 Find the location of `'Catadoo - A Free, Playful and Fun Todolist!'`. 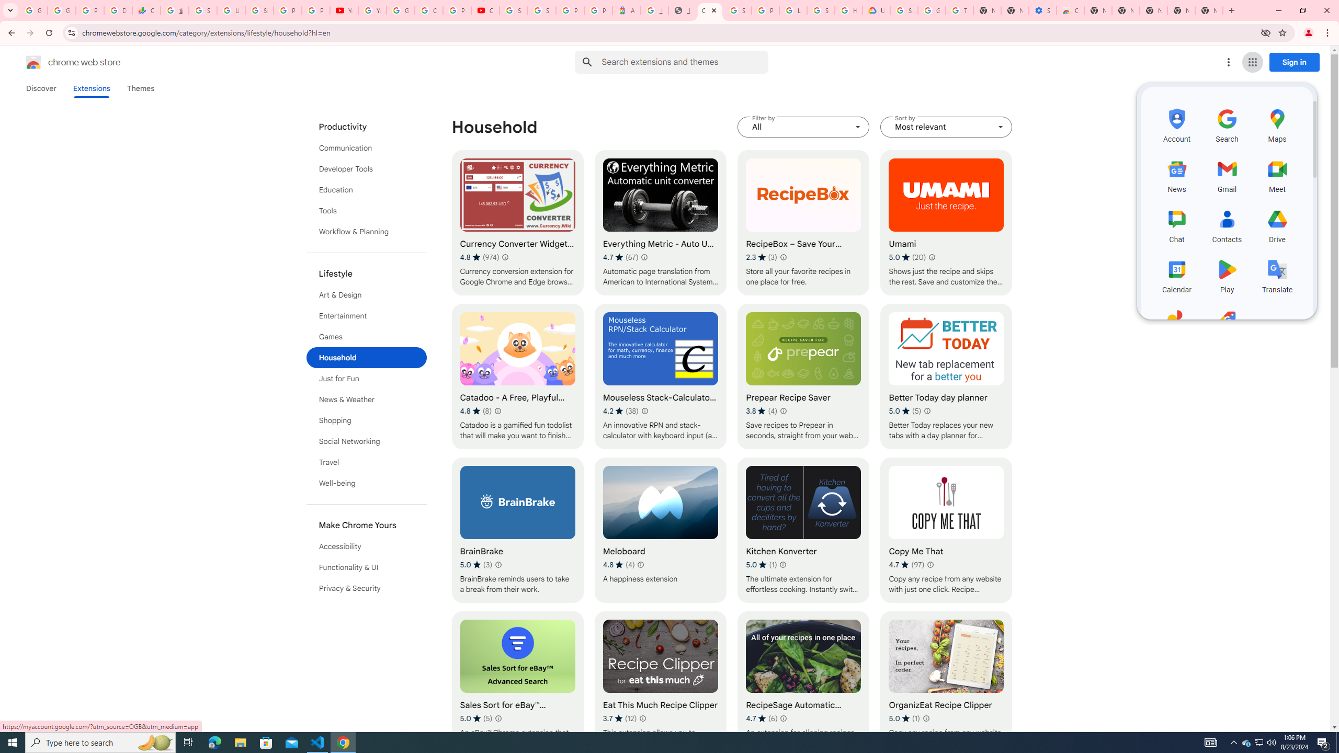

'Catadoo - A Free, Playful and Fun Todolist!' is located at coordinates (517, 376).